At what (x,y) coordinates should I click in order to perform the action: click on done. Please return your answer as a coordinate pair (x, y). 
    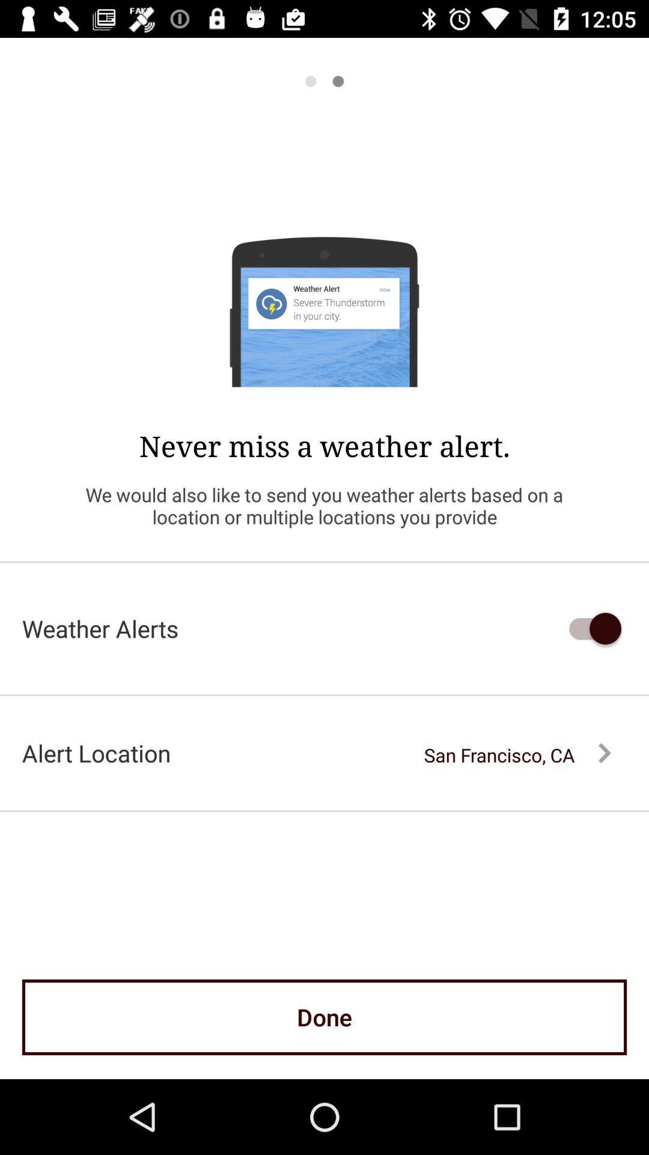
    Looking at the image, I should click on (324, 1017).